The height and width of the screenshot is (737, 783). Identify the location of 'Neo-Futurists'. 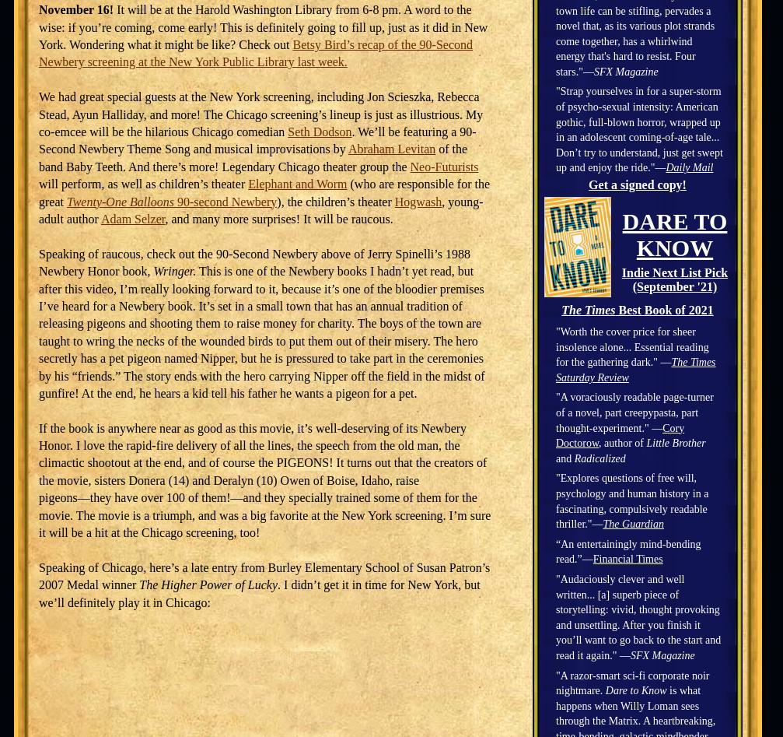
(408, 166).